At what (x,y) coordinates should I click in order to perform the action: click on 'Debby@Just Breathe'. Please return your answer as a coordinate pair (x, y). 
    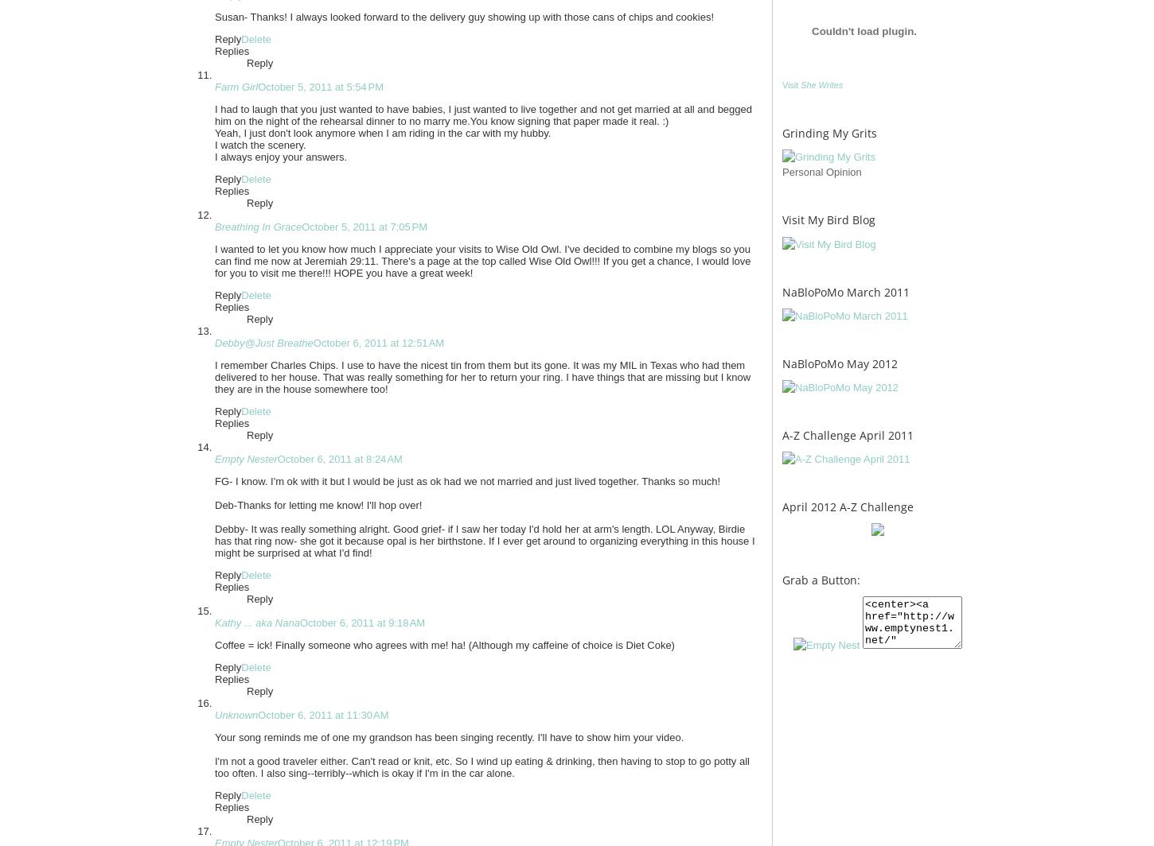
    Looking at the image, I should click on (263, 343).